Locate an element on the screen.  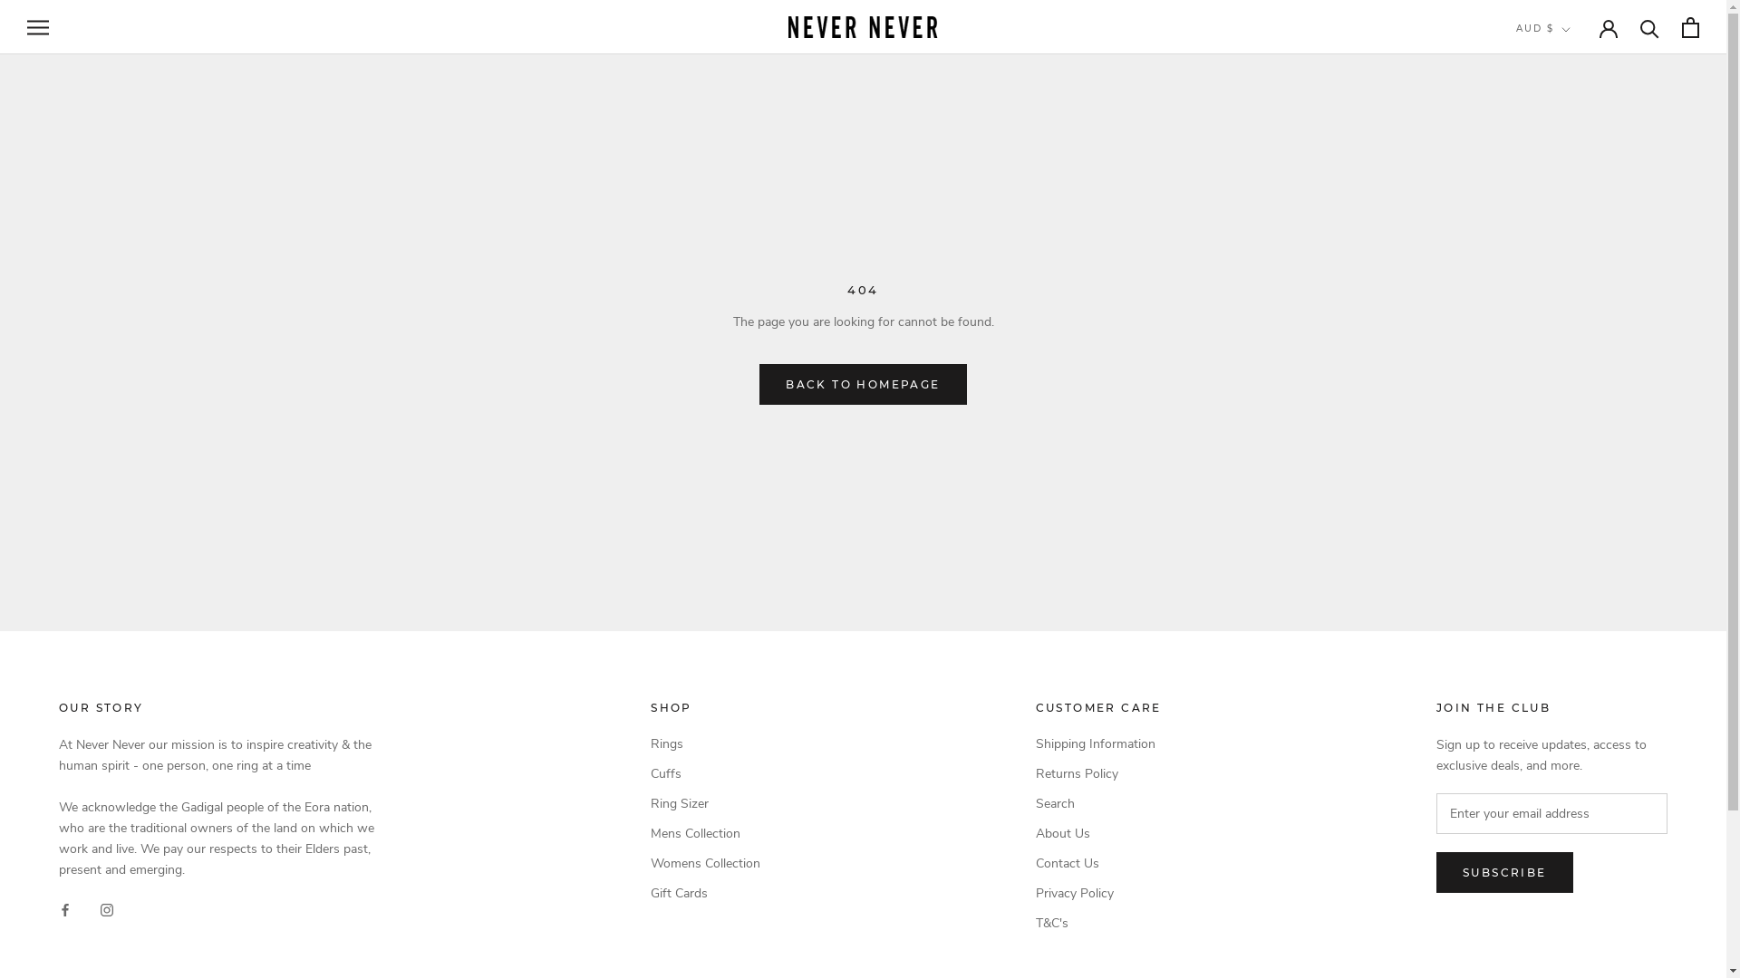
'Womens Collection' is located at coordinates (704, 862).